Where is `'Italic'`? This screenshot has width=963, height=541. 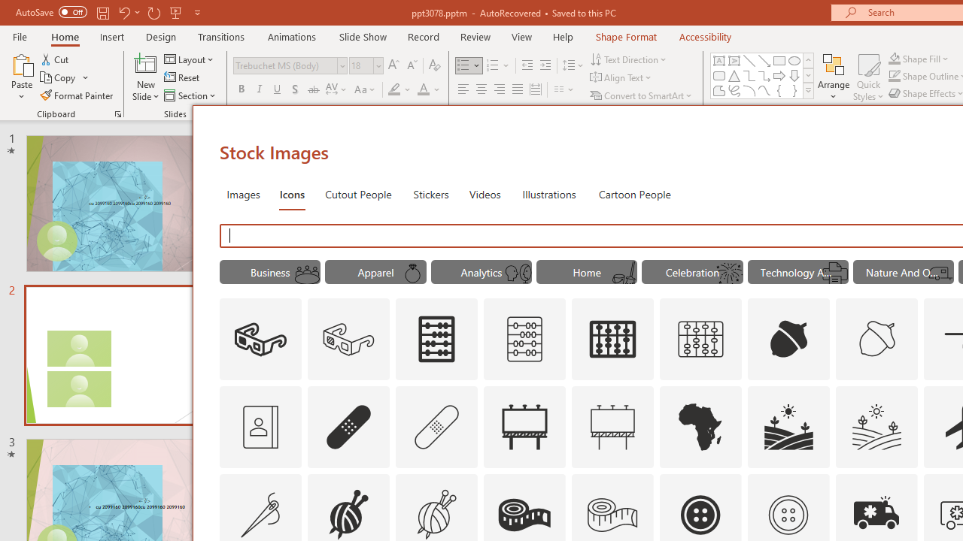 'Italic' is located at coordinates (259, 89).